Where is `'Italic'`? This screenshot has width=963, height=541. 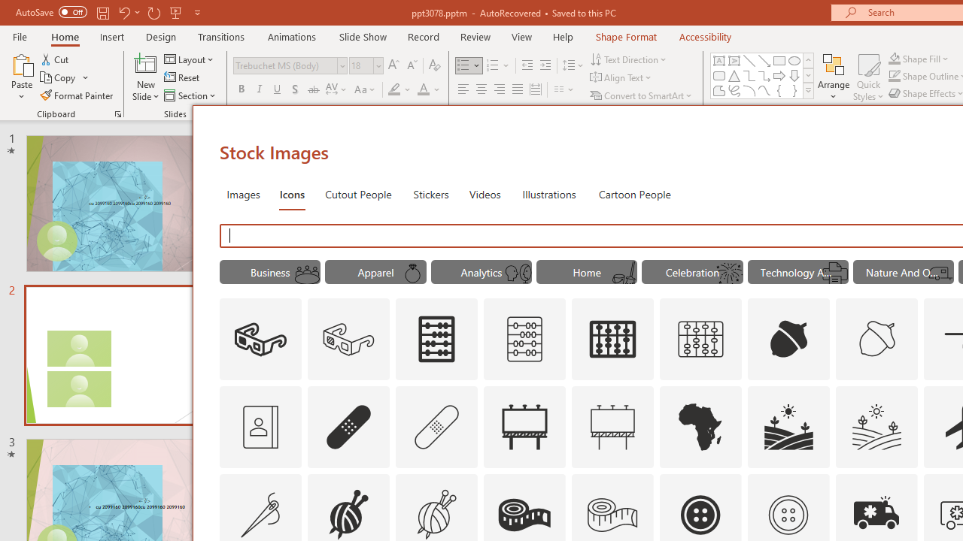 'Italic' is located at coordinates (259, 89).